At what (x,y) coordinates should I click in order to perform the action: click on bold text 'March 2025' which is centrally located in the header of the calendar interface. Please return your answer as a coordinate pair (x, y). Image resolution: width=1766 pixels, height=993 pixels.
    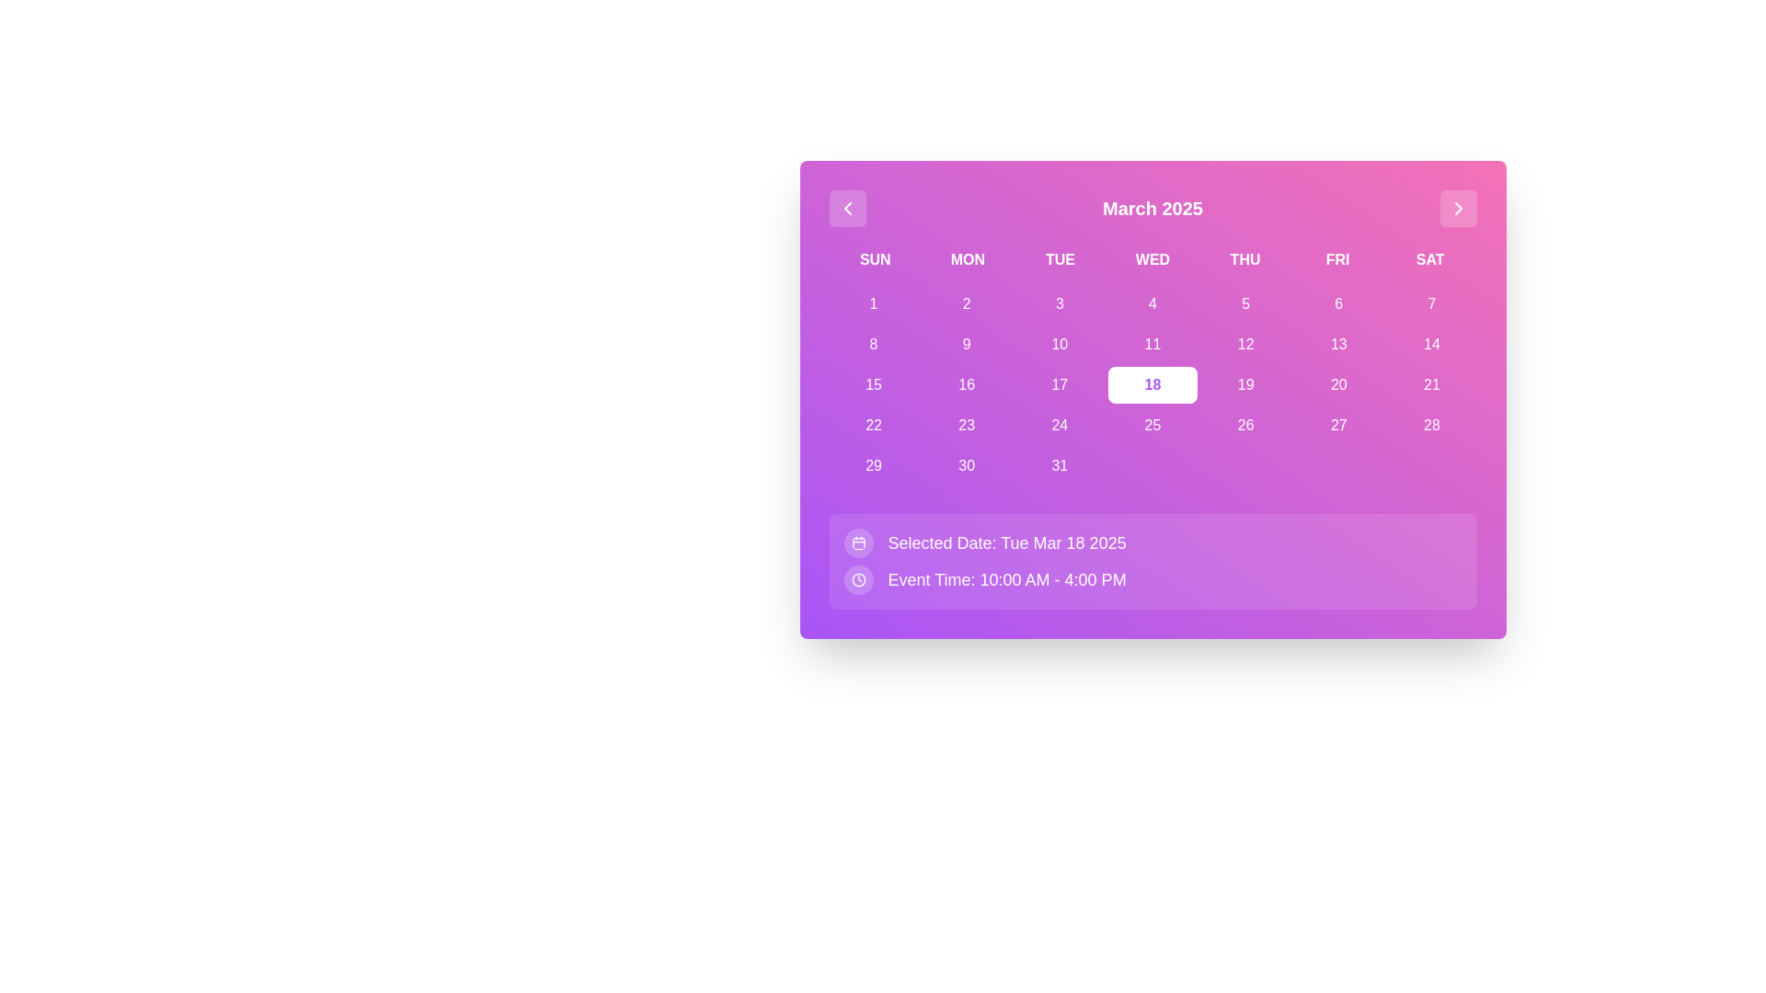
    Looking at the image, I should click on (1152, 208).